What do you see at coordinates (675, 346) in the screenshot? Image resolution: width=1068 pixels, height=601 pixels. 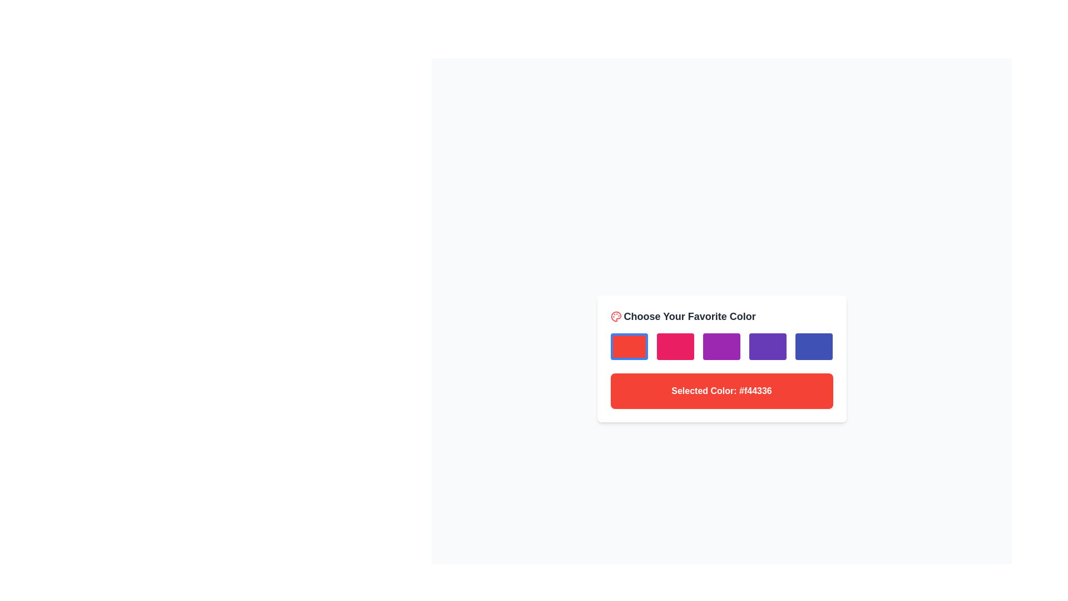 I see `the second button in the horizontal sequence of five buttons under the title 'Choose Your Favorite Color'` at bounding box center [675, 346].